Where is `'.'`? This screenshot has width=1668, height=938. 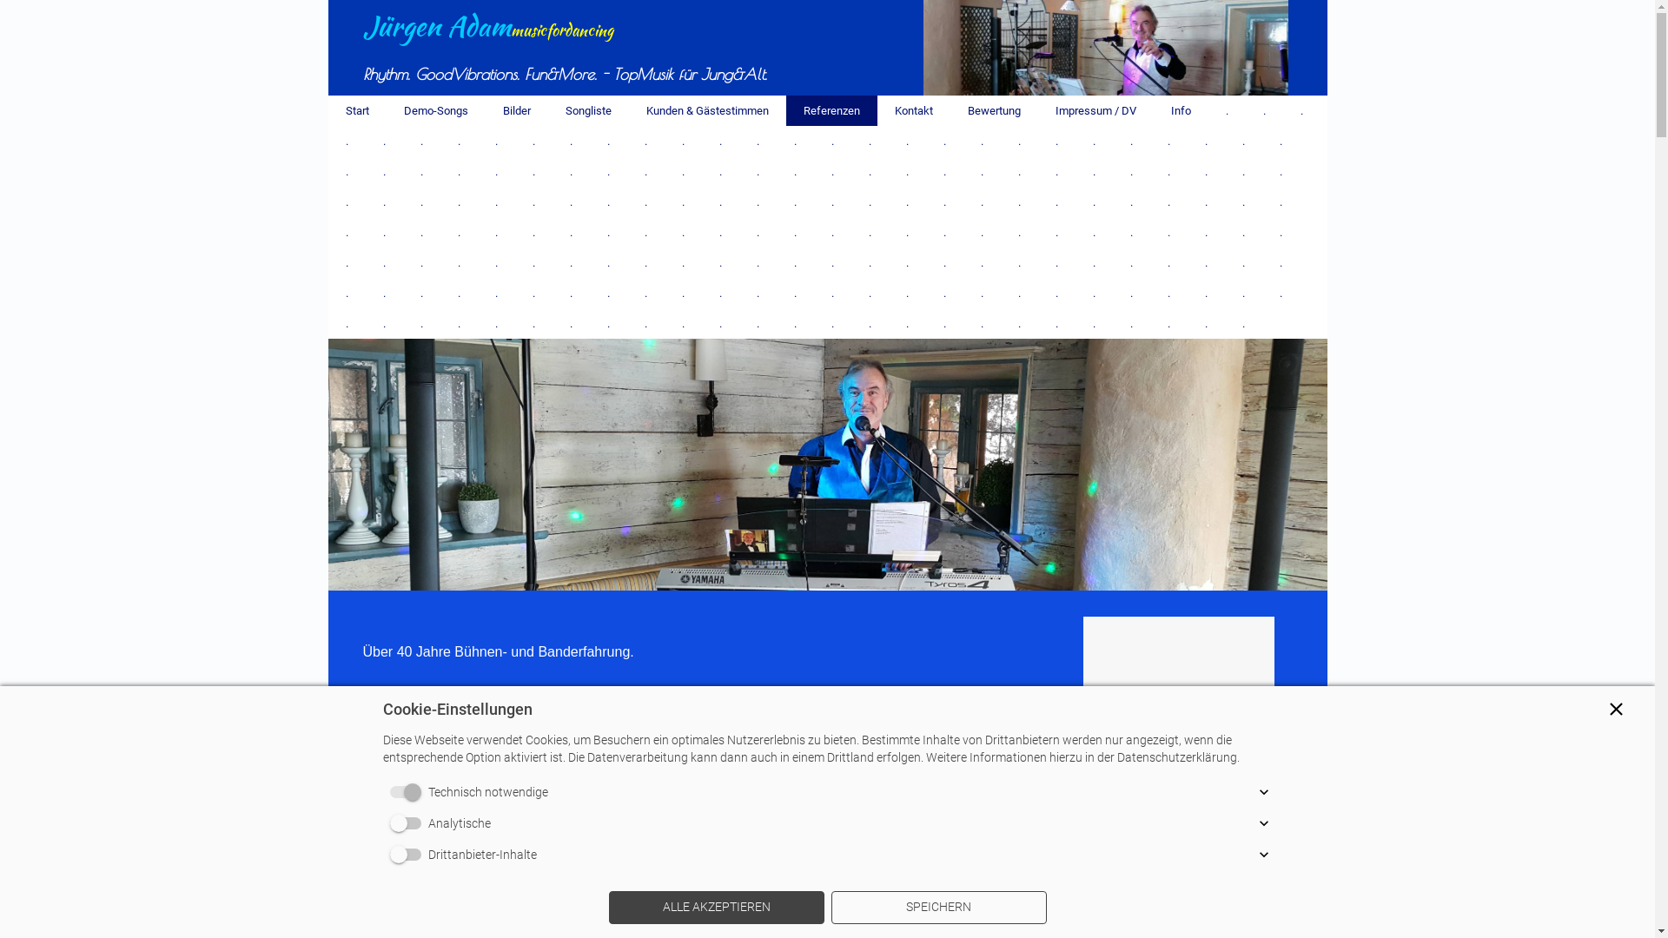
'.' is located at coordinates (1280, 140).